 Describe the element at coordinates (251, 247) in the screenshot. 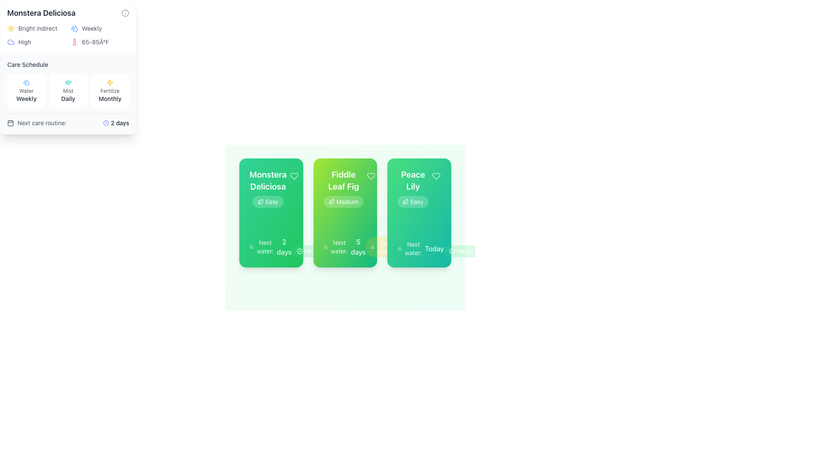

I see `the compact droplet icon representing water or hydration, which is located to the left of the text 'Next water: 2 days' in the watering schedule section of the Monstera Deliciosa plant card layout` at that location.